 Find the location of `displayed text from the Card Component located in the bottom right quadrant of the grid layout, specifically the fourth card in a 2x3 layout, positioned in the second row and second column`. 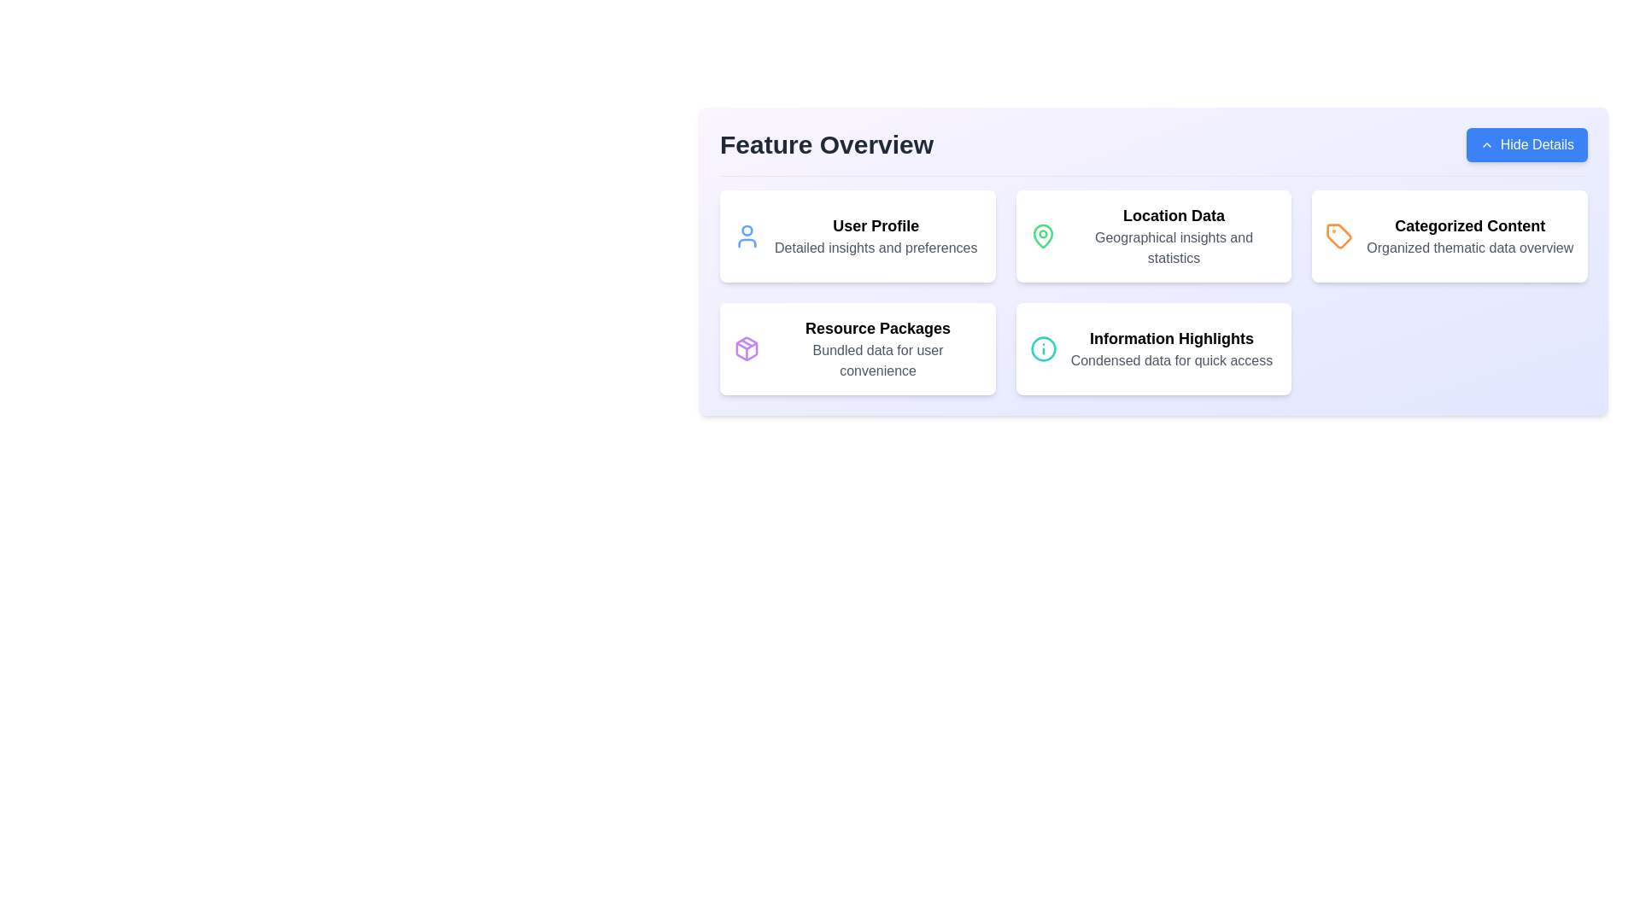

displayed text from the Card Component located in the bottom right quadrant of the grid layout, specifically the fourth card in a 2x3 layout, positioned in the second row and second column is located at coordinates (1153, 347).